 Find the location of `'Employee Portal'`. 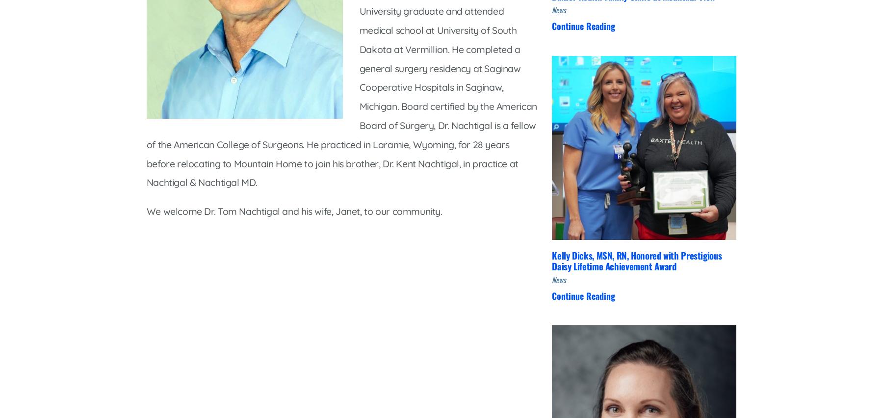

'Employee Portal' is located at coordinates (342, 309).